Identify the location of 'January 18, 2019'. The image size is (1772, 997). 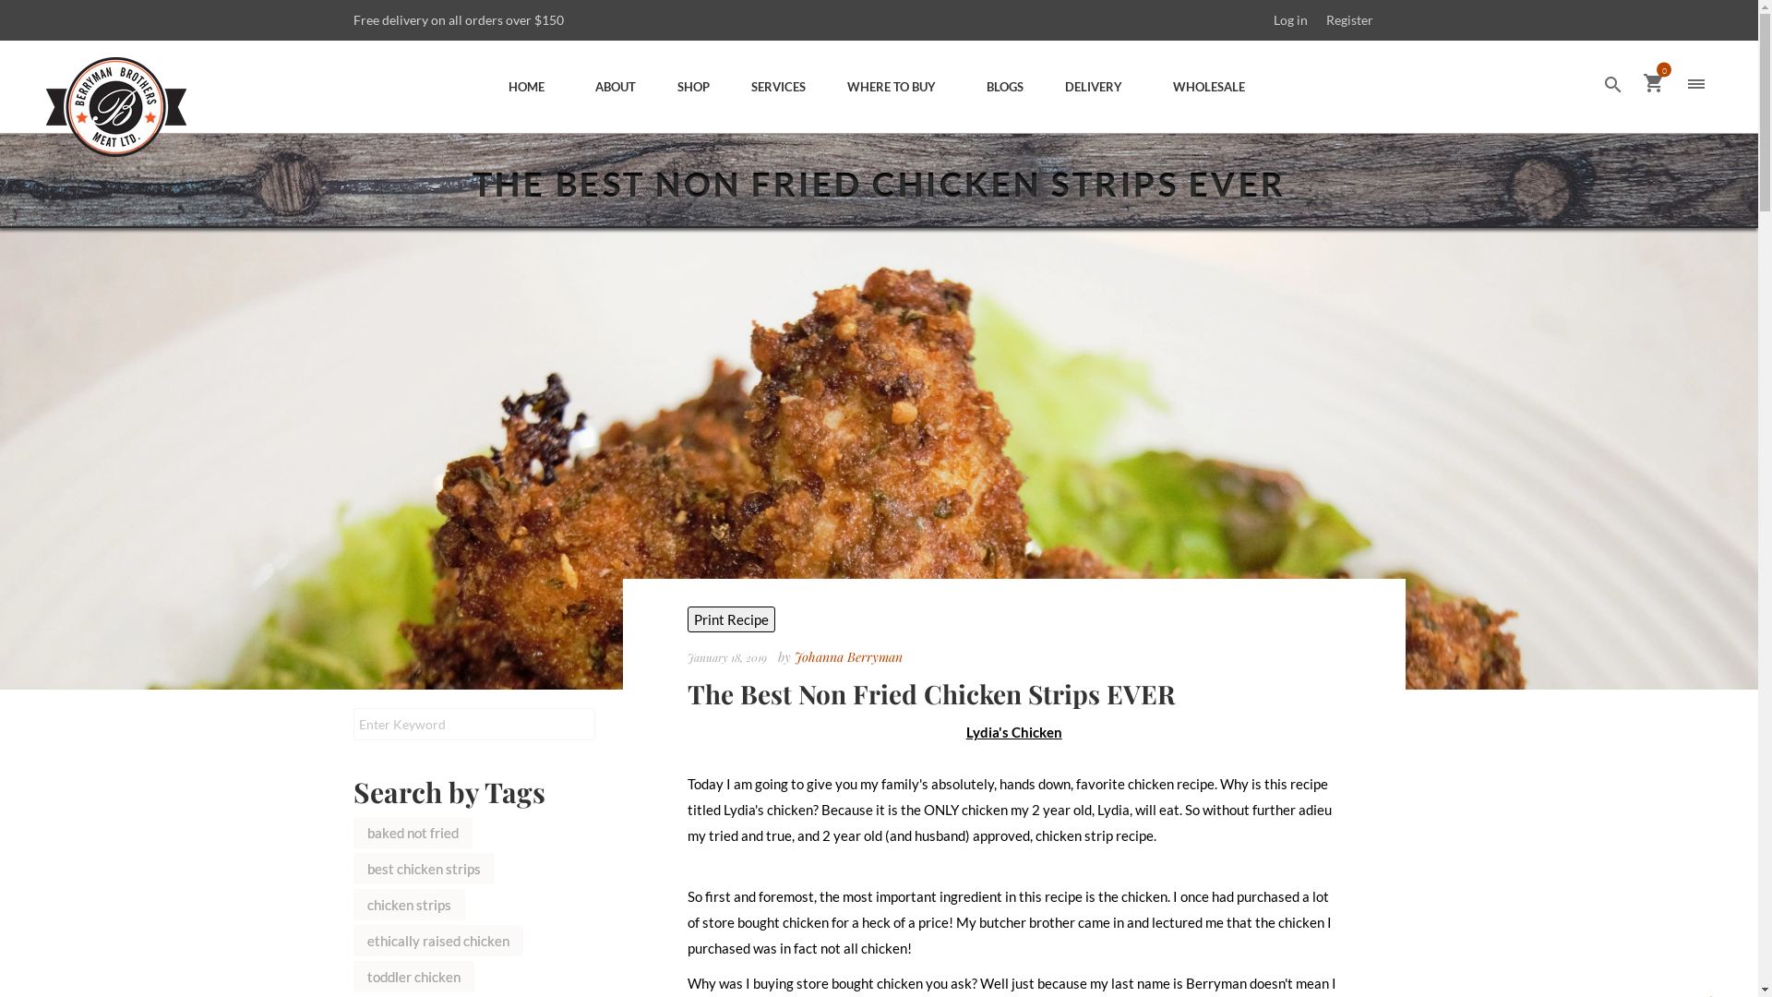
(728, 655).